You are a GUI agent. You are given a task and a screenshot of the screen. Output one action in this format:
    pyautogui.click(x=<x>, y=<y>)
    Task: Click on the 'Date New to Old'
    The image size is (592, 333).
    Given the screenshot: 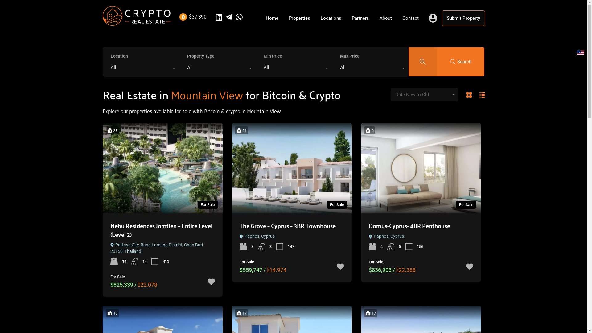 What is the action you would take?
    pyautogui.click(x=424, y=95)
    